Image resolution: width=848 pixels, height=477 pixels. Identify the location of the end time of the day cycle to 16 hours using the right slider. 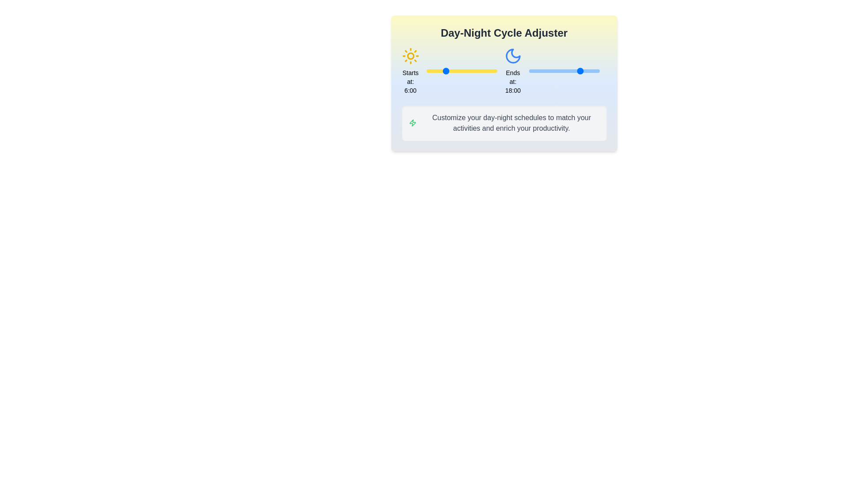
(576, 71).